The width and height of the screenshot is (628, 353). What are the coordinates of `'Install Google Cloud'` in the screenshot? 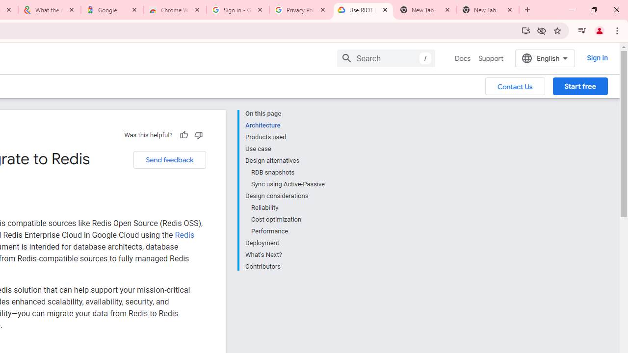 It's located at (525, 30).